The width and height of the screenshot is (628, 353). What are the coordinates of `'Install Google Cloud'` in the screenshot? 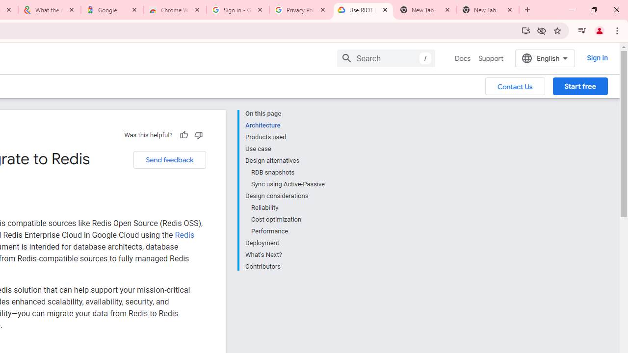 It's located at (525, 30).